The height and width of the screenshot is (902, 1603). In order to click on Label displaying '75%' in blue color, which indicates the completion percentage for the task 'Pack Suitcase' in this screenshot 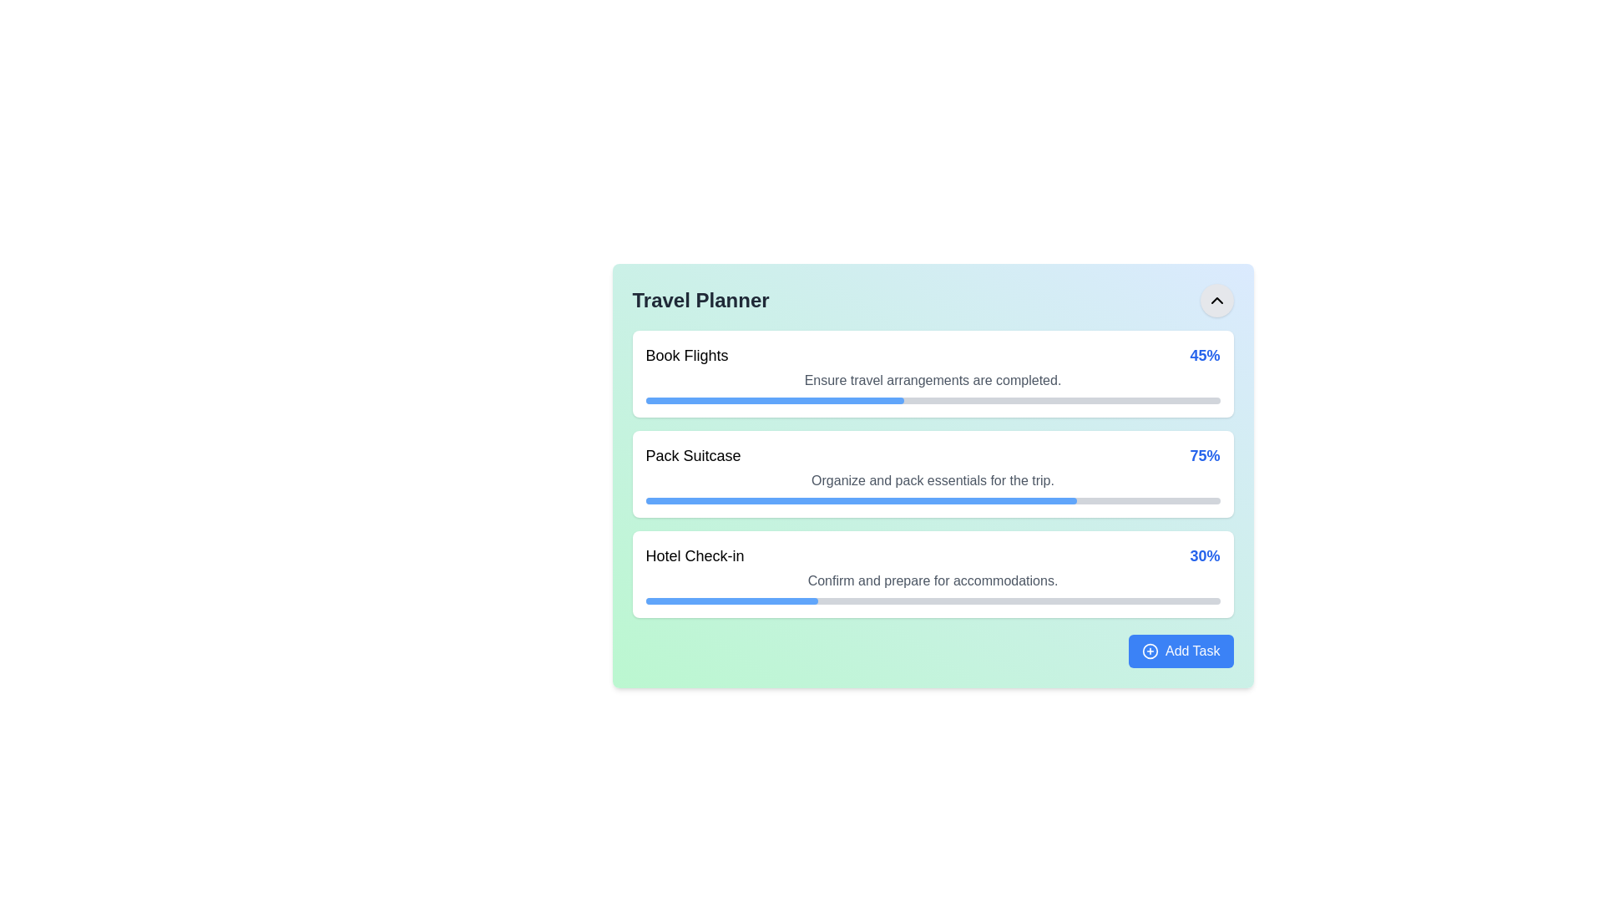, I will do `click(1205, 456)`.